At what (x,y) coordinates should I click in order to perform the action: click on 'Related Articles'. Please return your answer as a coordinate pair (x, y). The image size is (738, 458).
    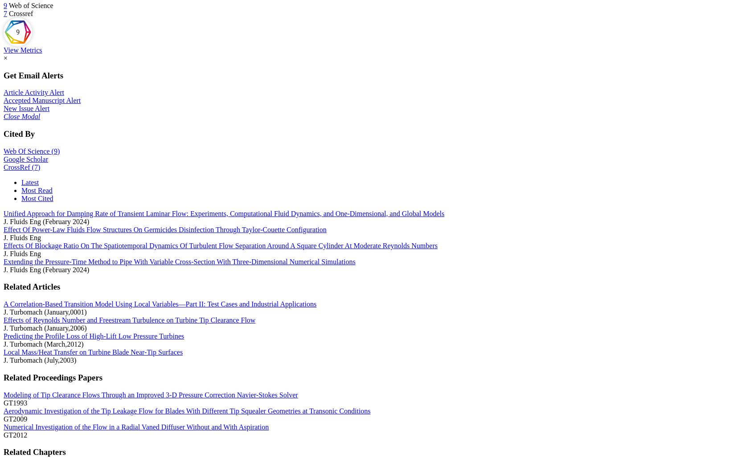
    Looking at the image, I should click on (31, 286).